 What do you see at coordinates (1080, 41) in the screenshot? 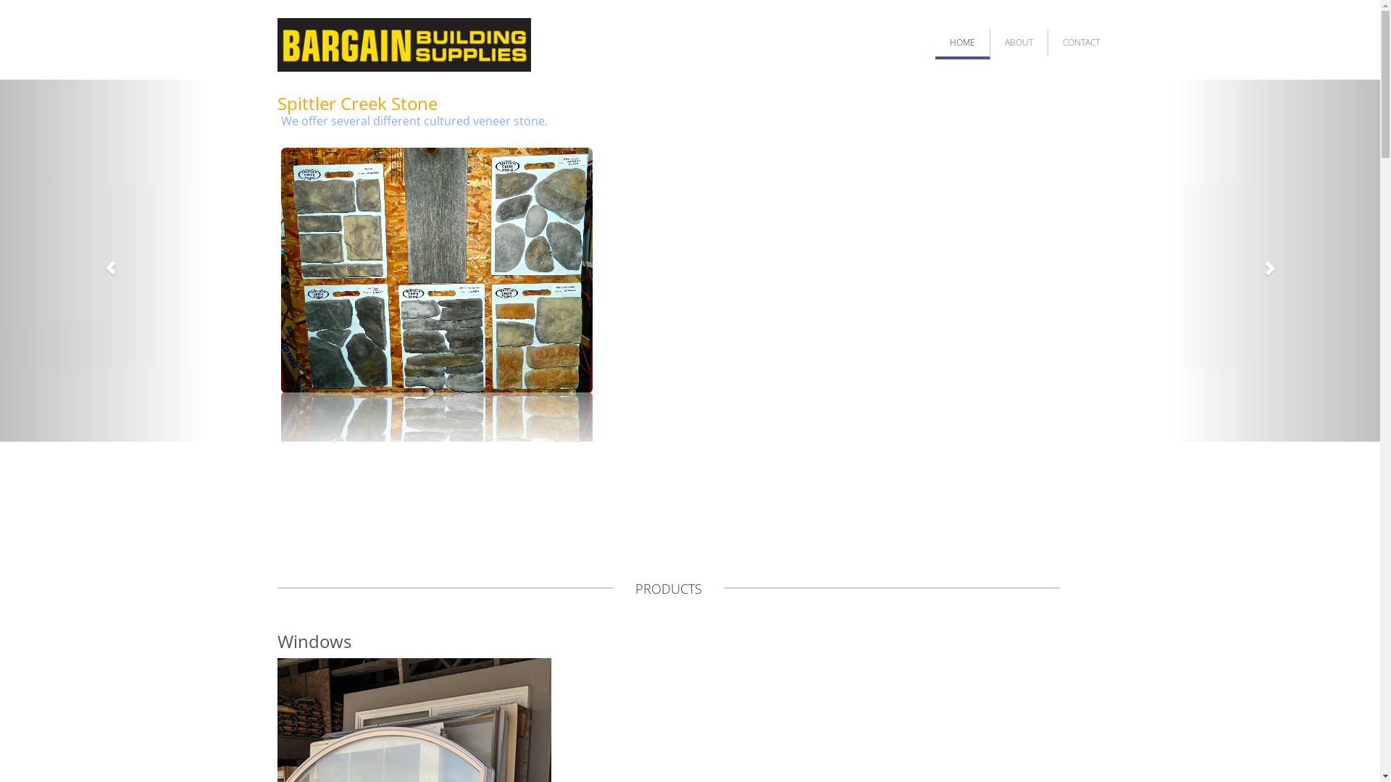
I see `'CONTACT'` at bounding box center [1080, 41].